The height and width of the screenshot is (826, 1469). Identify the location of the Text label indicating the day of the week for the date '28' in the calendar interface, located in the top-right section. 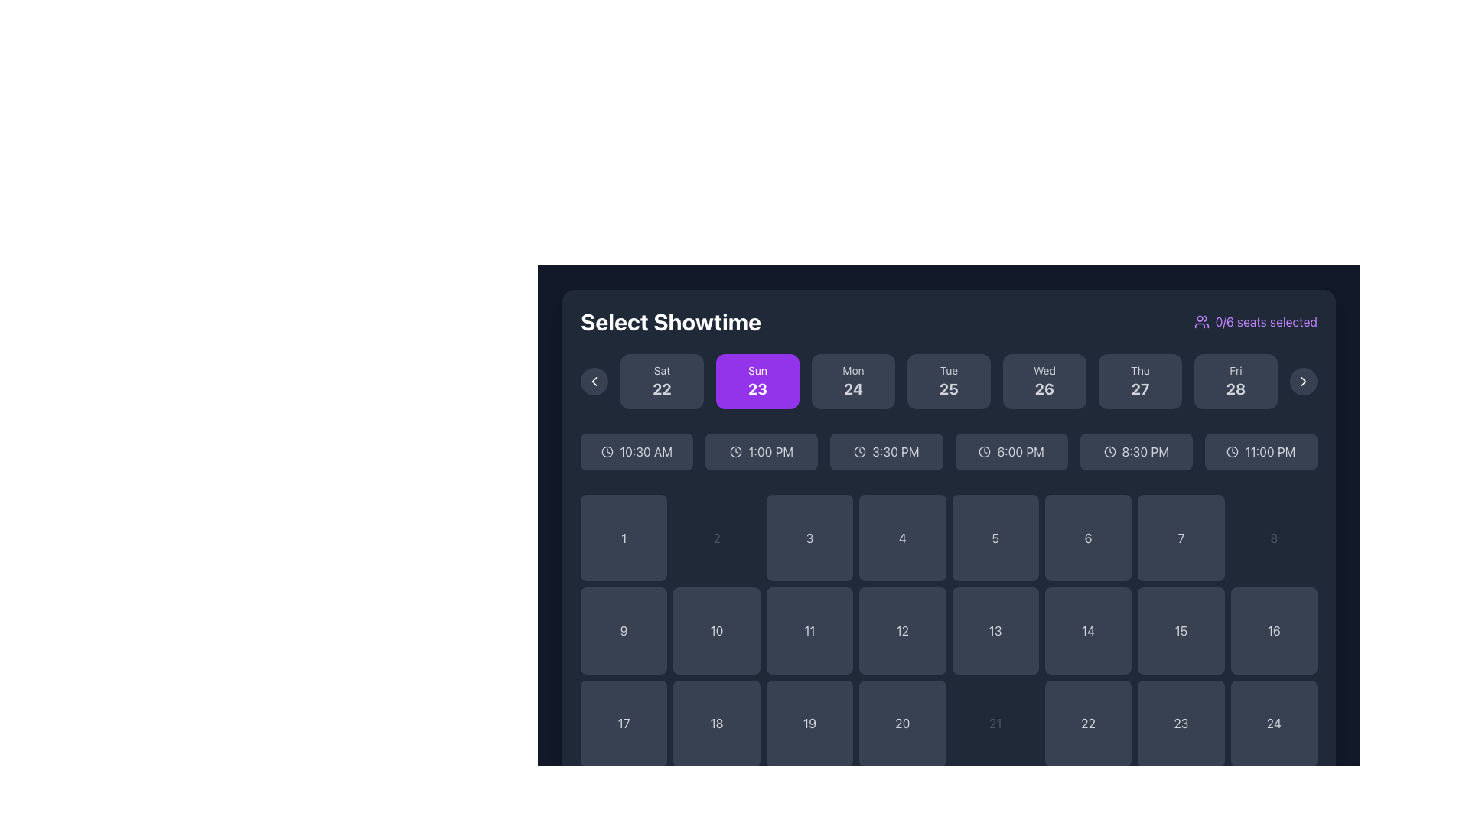
(1236, 371).